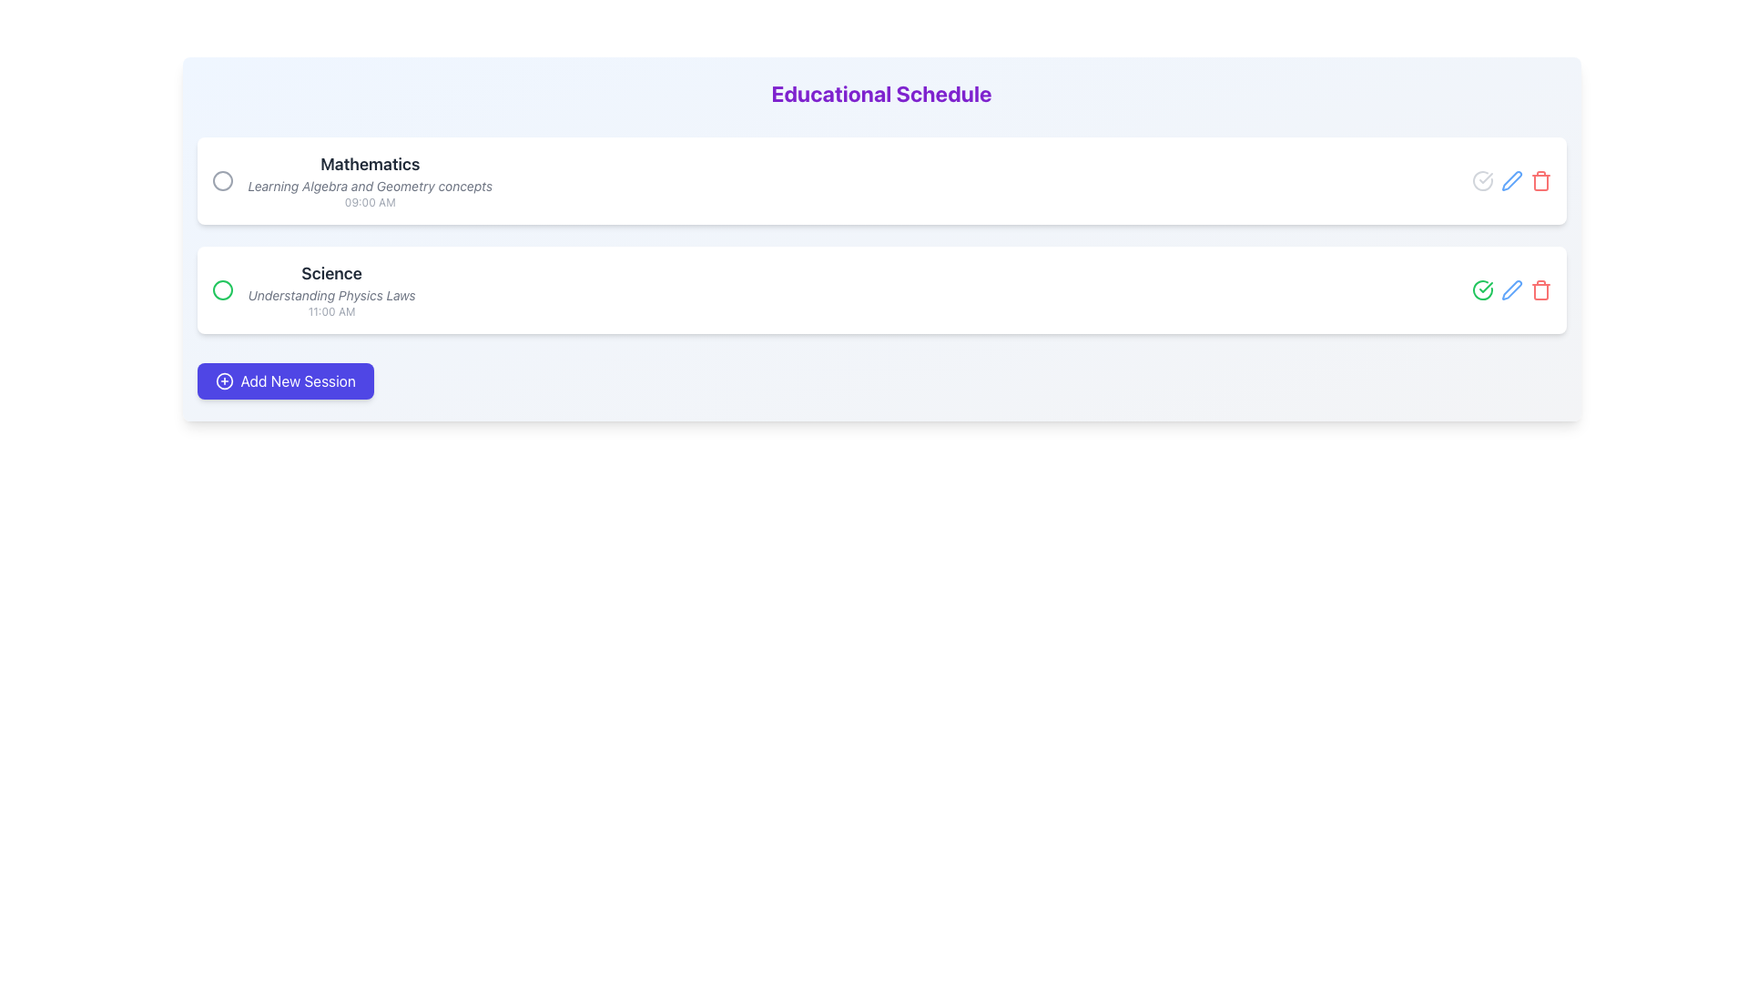 Image resolution: width=1748 pixels, height=983 pixels. Describe the element at coordinates (223, 380) in the screenshot. I see `the coral colored SVG Circle Shape which is the innermost component of the 'lucide-circle-plus' icon located to the left of the 'Add New Session' button` at that location.